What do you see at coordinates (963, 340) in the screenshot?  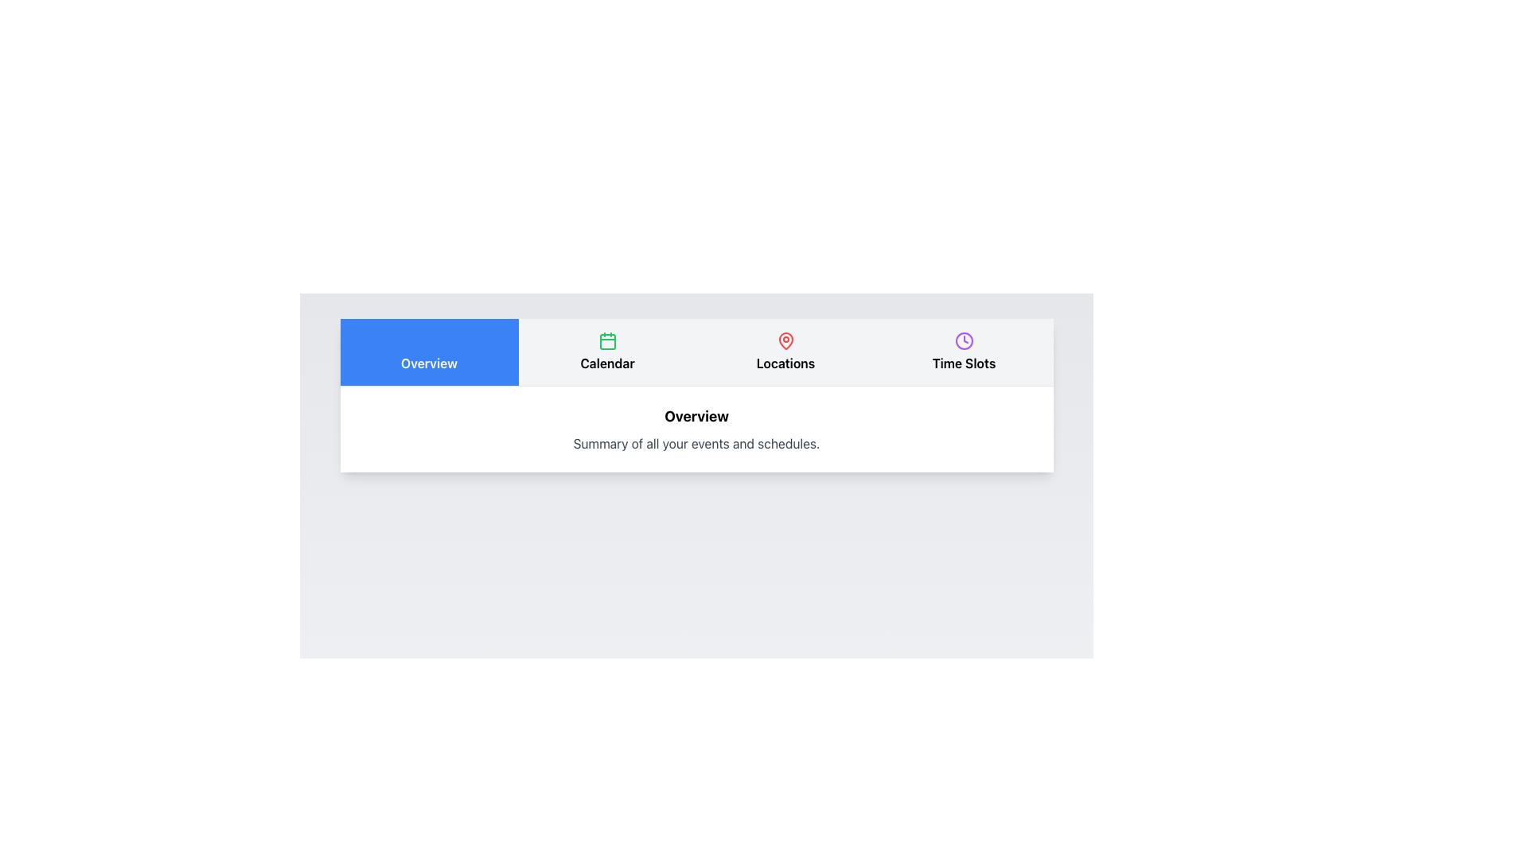 I see `the purple clock icon located above the 'Time Slots' label to interact with its section` at bounding box center [963, 340].